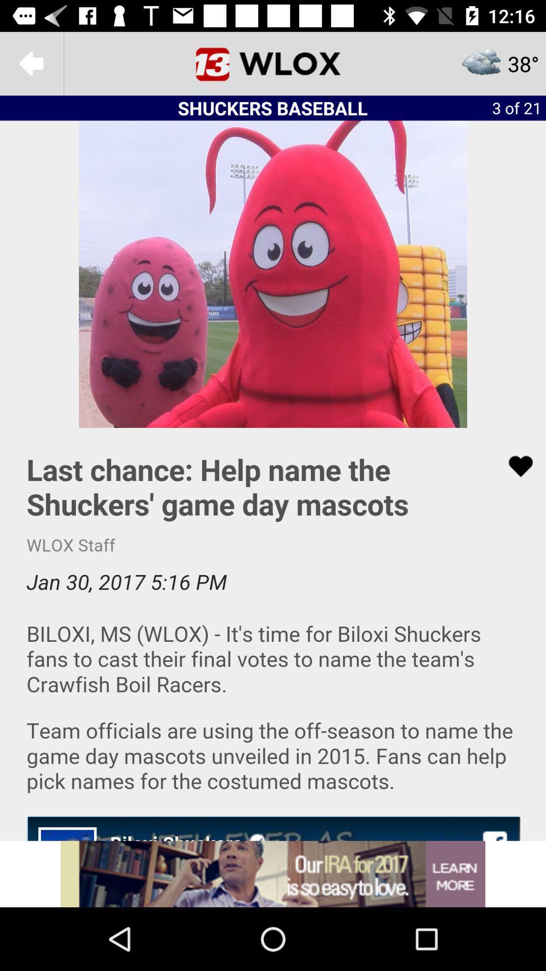  I want to click on the favorite icon, so click(514, 466).